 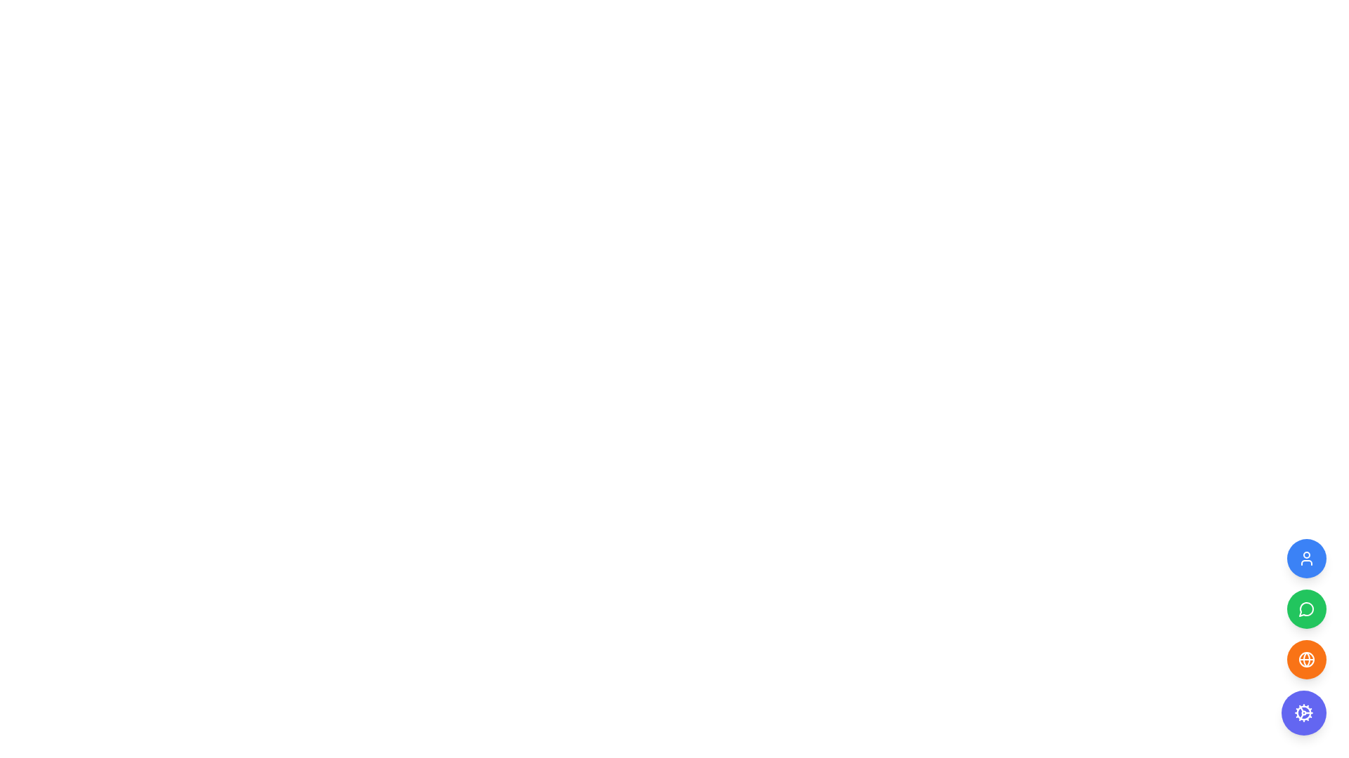 What do you see at coordinates (1306, 608) in the screenshot?
I see `the circular button with a green background and white speech bubble icon, which is the second button in a vertical stack of three buttons aligned to the right edge of the interface` at bounding box center [1306, 608].